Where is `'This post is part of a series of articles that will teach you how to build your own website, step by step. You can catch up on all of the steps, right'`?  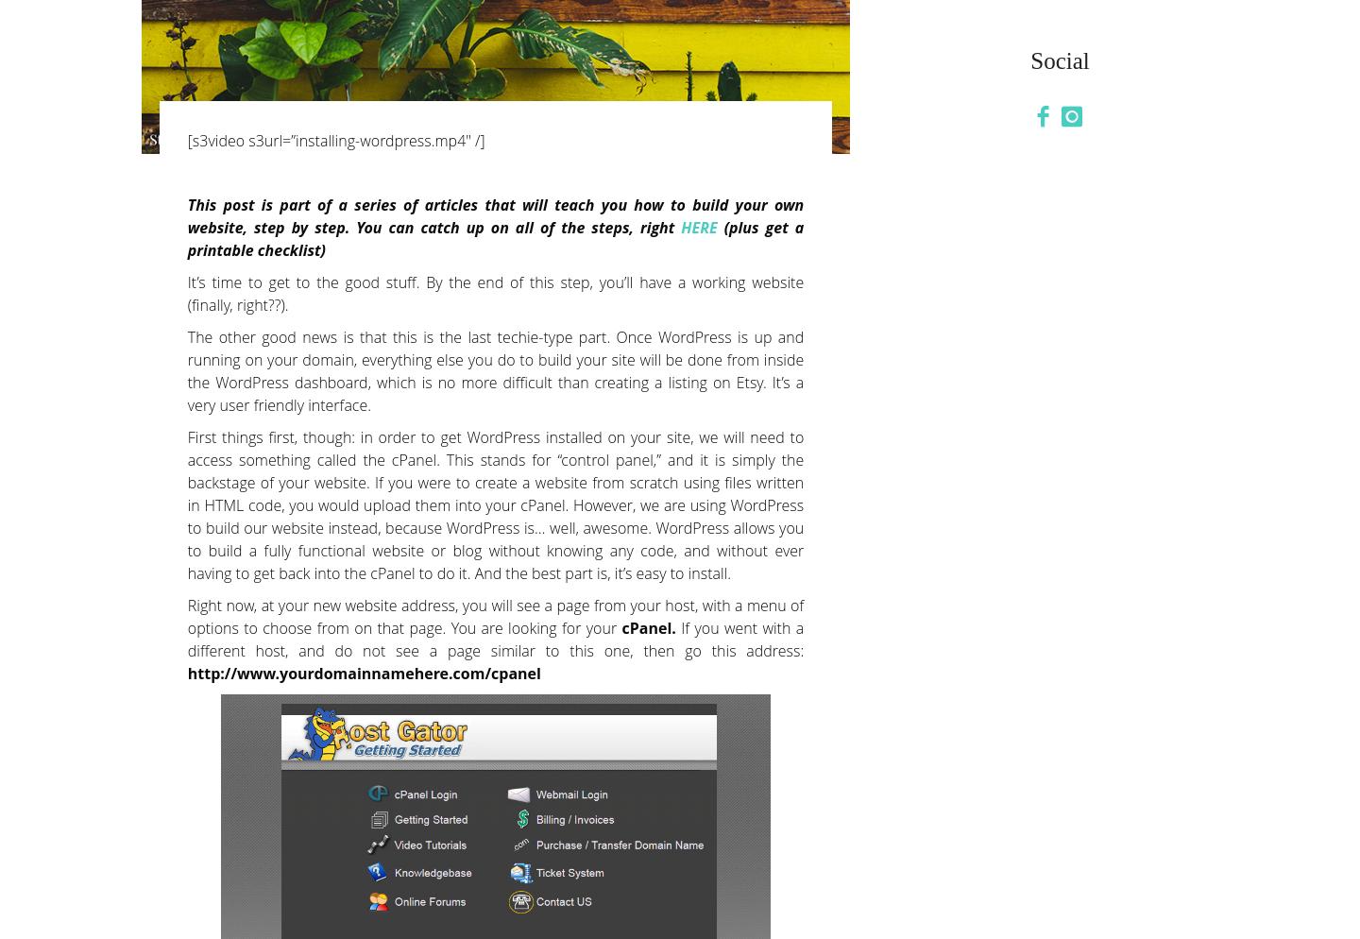
'This post is part of a series of articles that will teach you how to build your own website, step by step. You can catch up on all of the steps, right' is located at coordinates (494, 216).